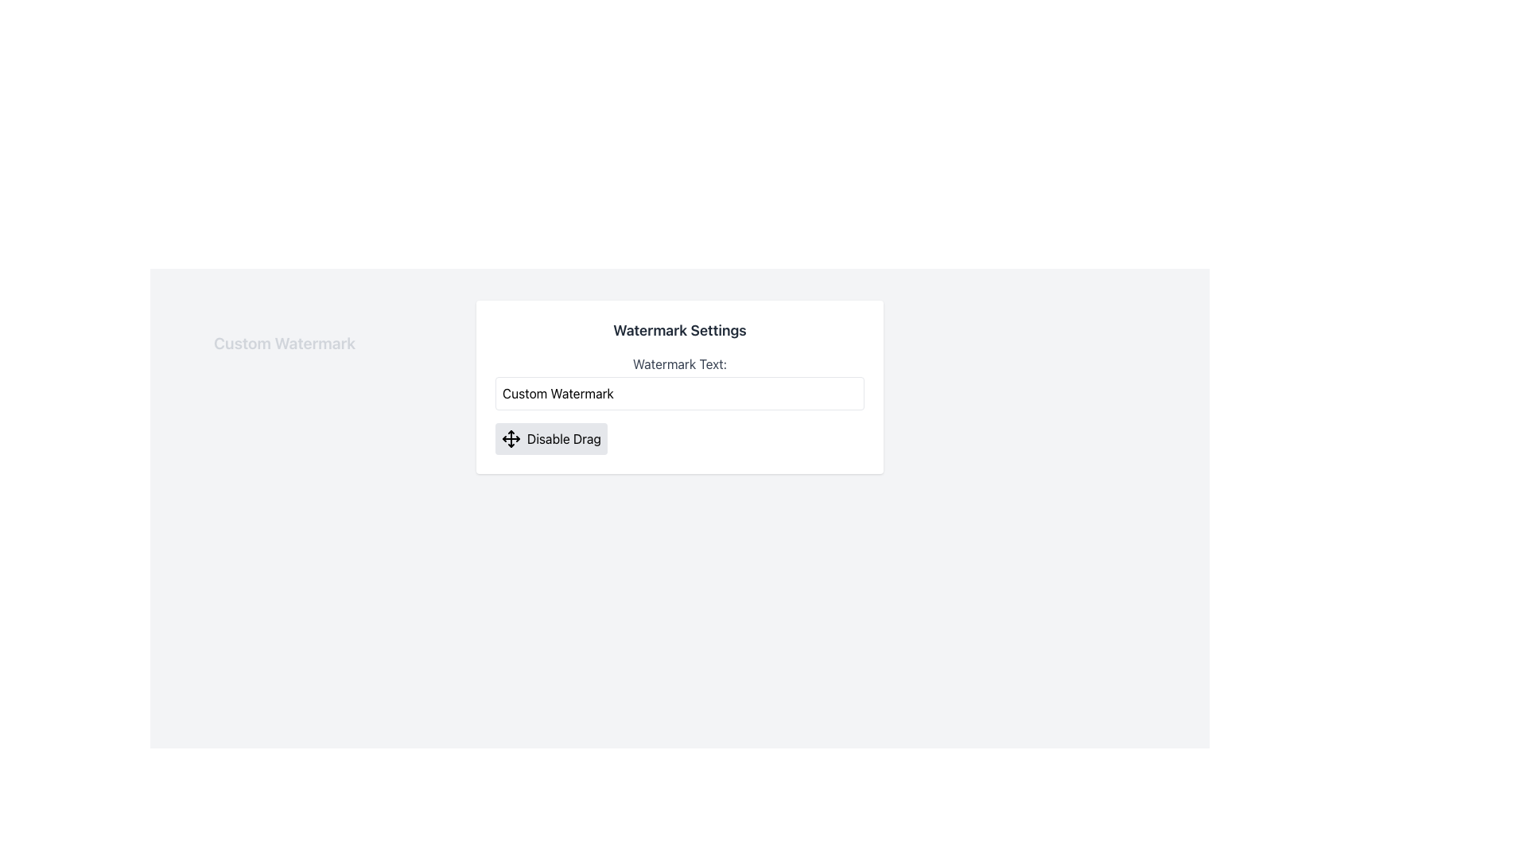  Describe the element at coordinates (679, 330) in the screenshot. I see `the static text header or title that serves as the header for the configuration section related to watermark settings` at that location.